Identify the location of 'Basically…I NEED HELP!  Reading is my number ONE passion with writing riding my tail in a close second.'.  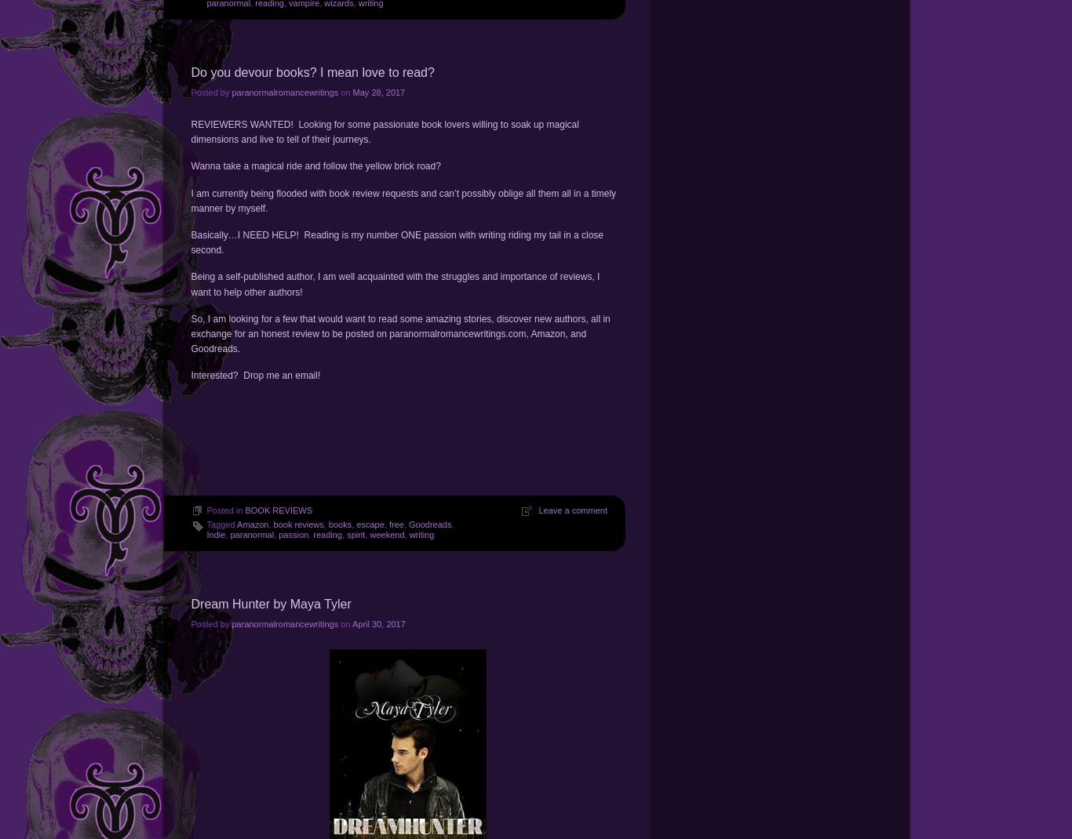
(396, 242).